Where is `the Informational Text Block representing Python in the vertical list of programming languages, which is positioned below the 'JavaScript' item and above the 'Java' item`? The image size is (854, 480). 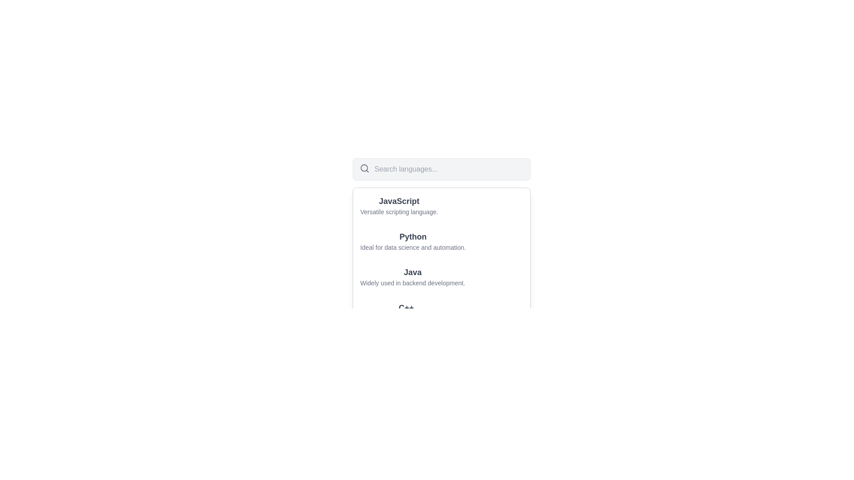 the Informational Text Block representing Python in the vertical list of programming languages, which is positioned below the 'JavaScript' item and above the 'Java' item is located at coordinates (442, 241).